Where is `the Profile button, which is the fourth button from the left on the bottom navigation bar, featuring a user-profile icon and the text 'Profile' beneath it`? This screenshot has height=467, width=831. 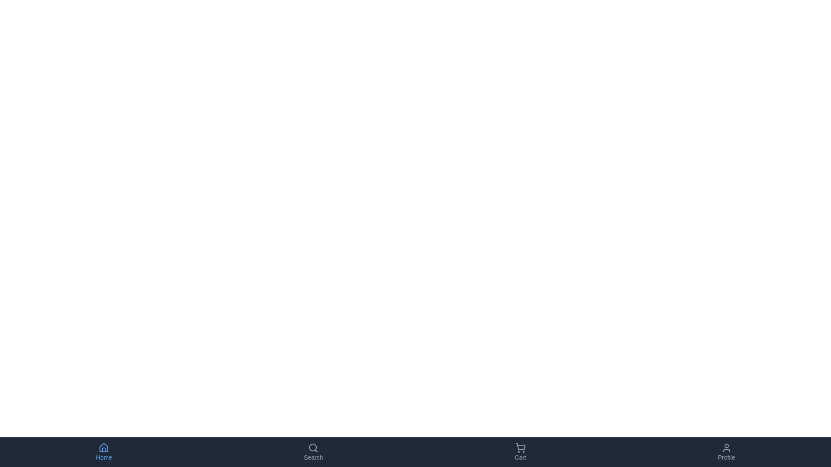 the Profile button, which is the fourth button from the left on the bottom navigation bar, featuring a user-profile icon and the text 'Profile' beneath it is located at coordinates (726, 451).